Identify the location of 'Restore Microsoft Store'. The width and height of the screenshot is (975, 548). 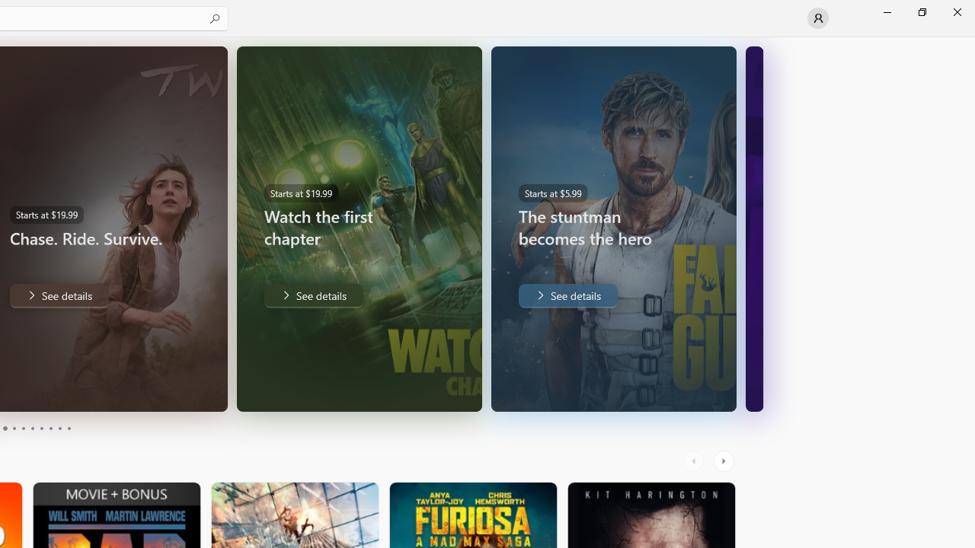
(921, 11).